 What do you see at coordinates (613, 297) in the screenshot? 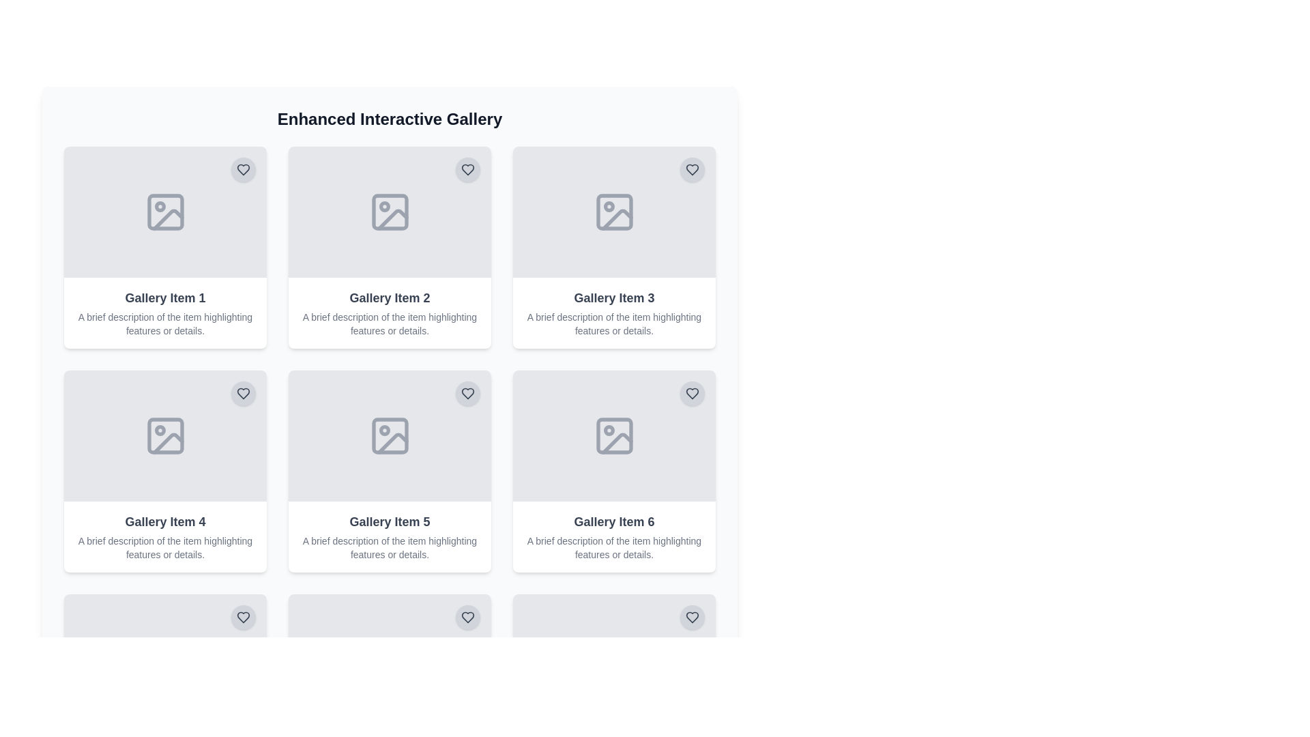
I see `text displayed in the title label of the third gallery item, located in the center of the UI above the descriptive text and below the image placeholder` at bounding box center [613, 297].